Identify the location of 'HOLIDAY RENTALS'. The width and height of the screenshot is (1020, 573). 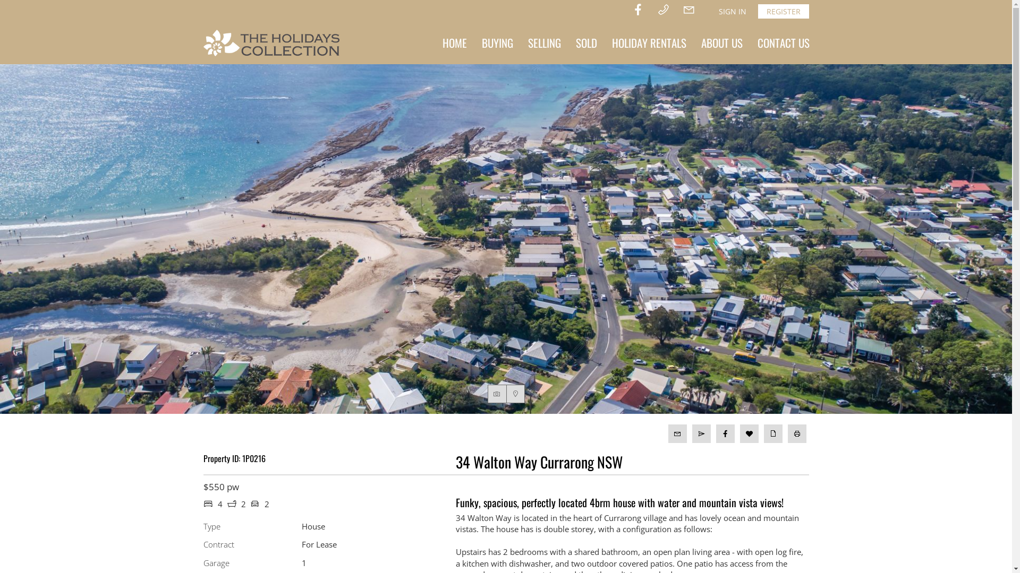
(649, 42).